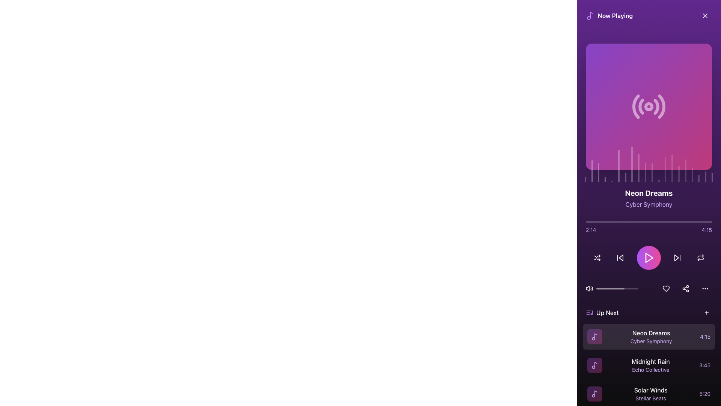  Describe the element at coordinates (617, 288) in the screenshot. I see `the progress bar located centrally within the audio playback controls to adjust the progress of the currently playing media track` at that location.